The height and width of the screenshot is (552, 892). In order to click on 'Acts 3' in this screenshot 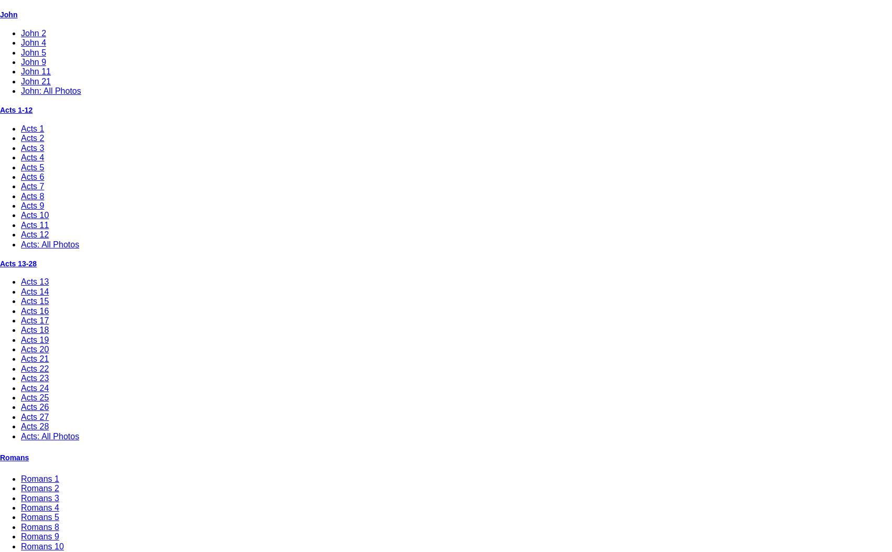, I will do `click(32, 147)`.